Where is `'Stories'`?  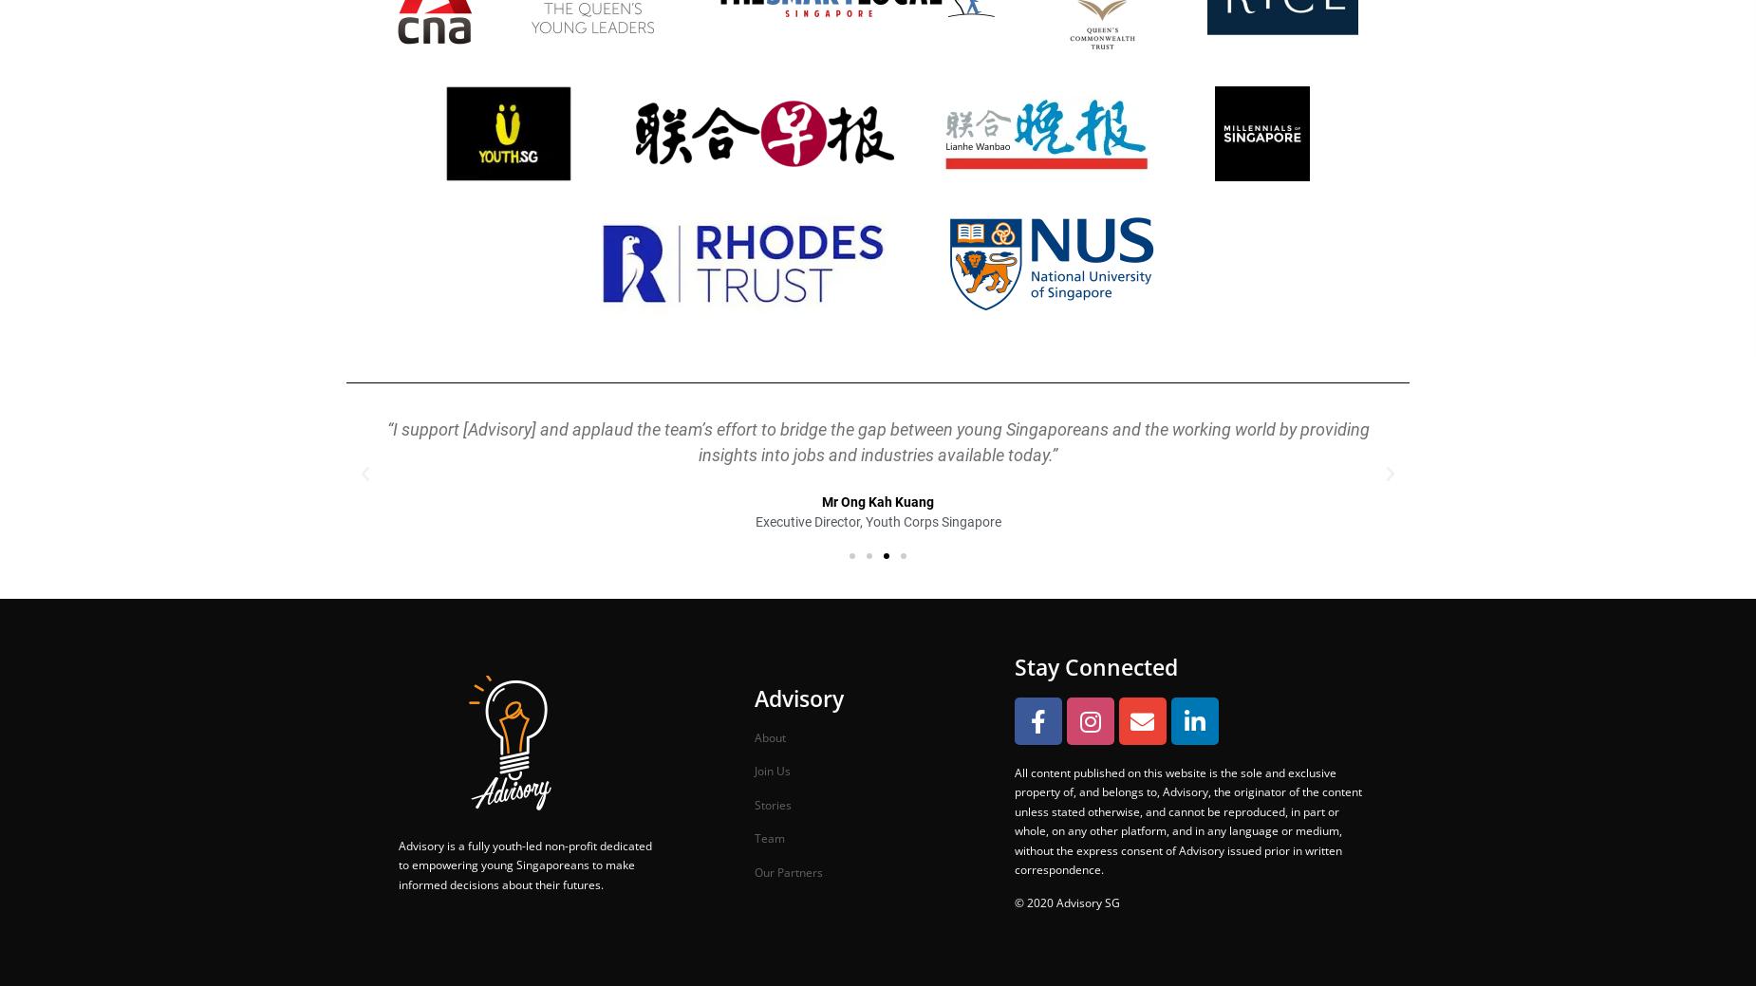
'Stories' is located at coordinates (754, 803).